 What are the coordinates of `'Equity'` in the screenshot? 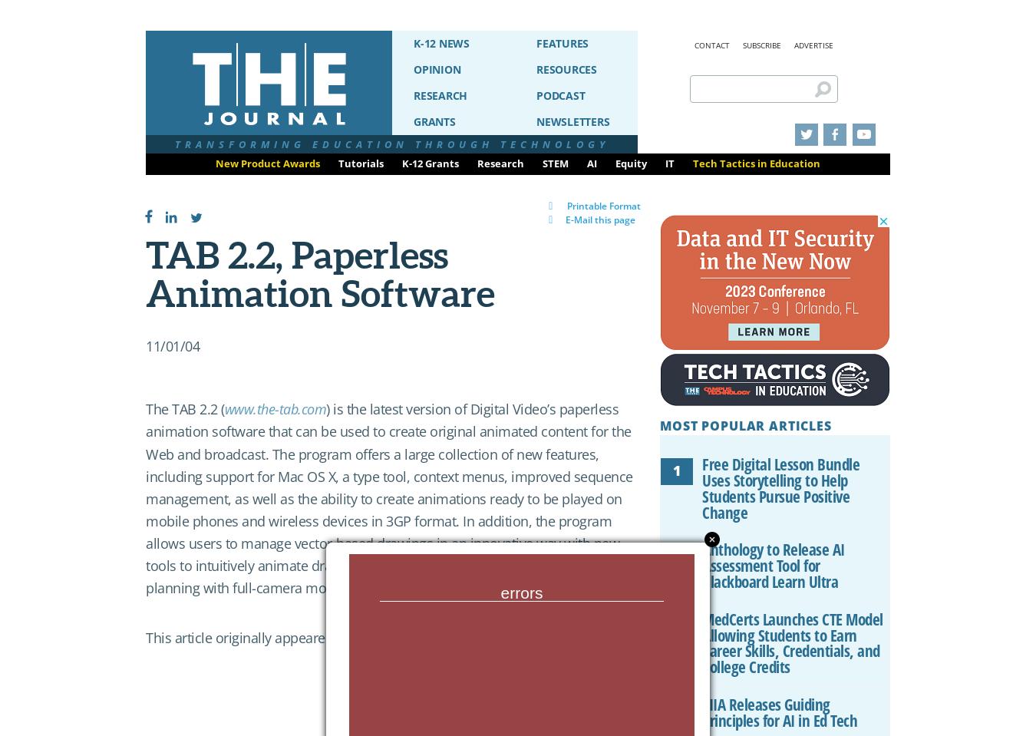 It's located at (615, 163).